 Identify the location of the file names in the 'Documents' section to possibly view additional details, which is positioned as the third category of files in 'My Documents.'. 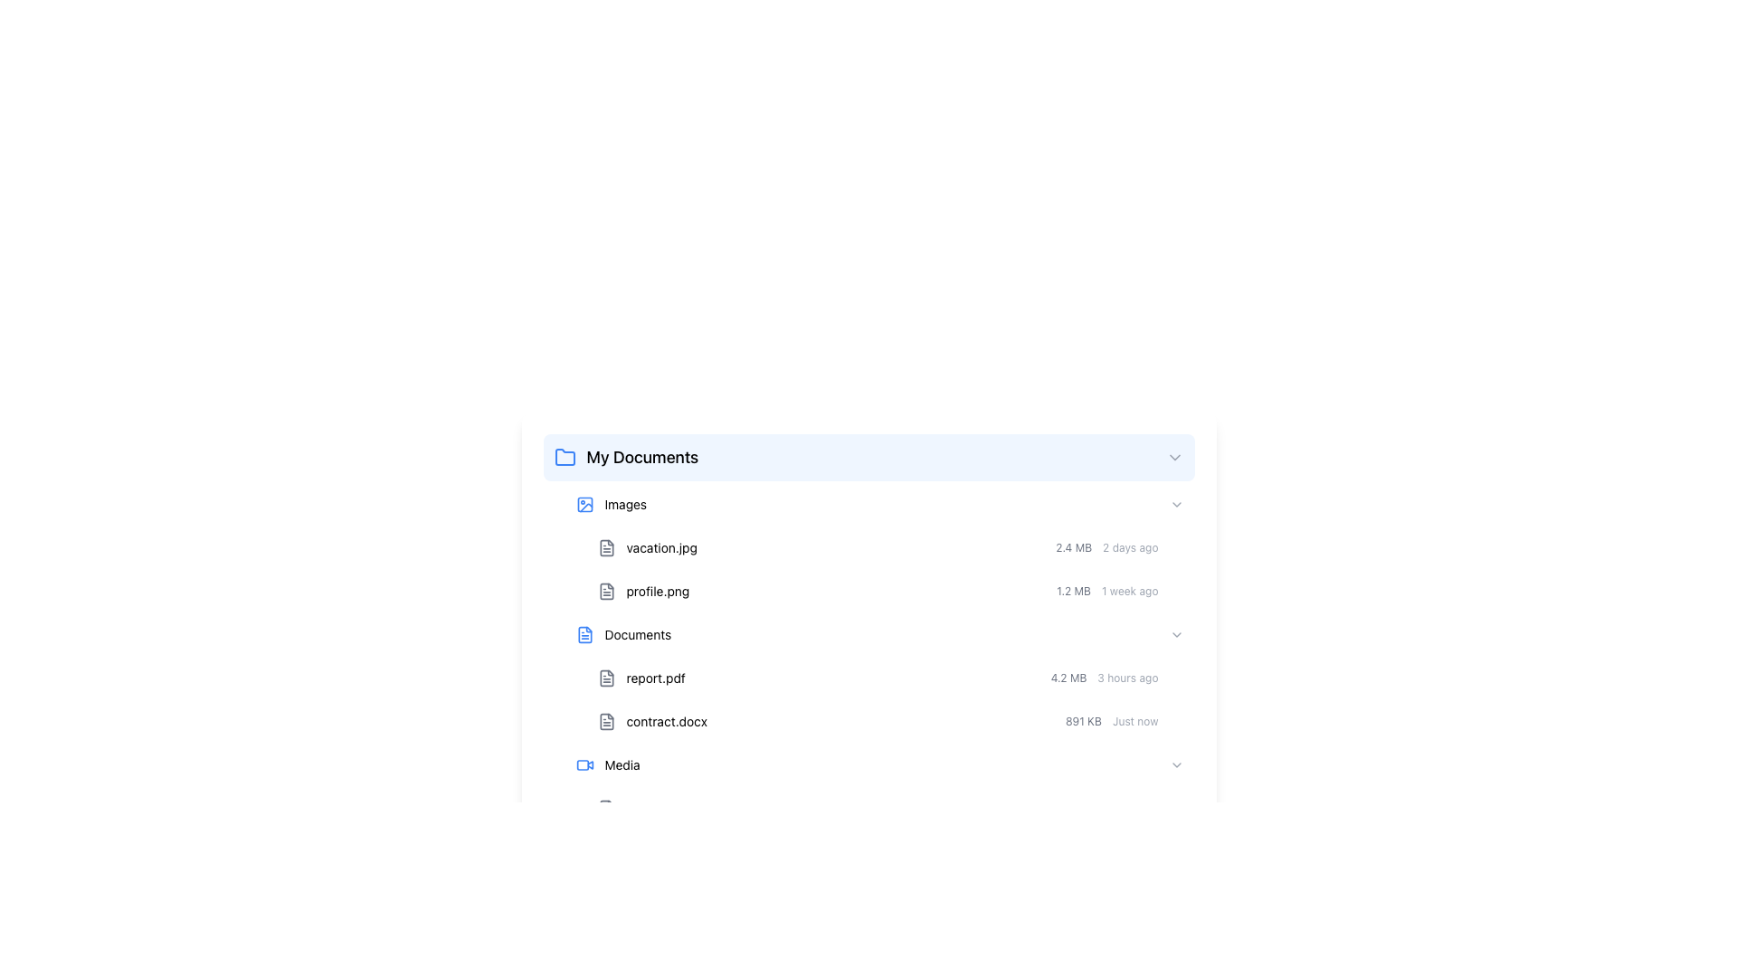
(879, 678).